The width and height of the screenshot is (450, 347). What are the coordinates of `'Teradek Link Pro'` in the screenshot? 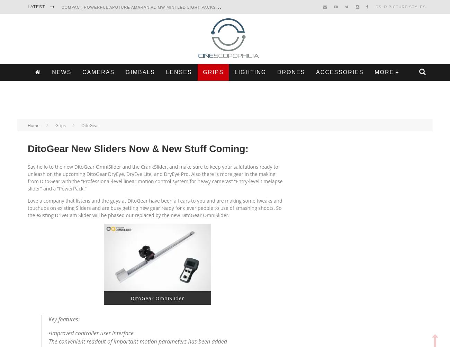 It's located at (82, 64).